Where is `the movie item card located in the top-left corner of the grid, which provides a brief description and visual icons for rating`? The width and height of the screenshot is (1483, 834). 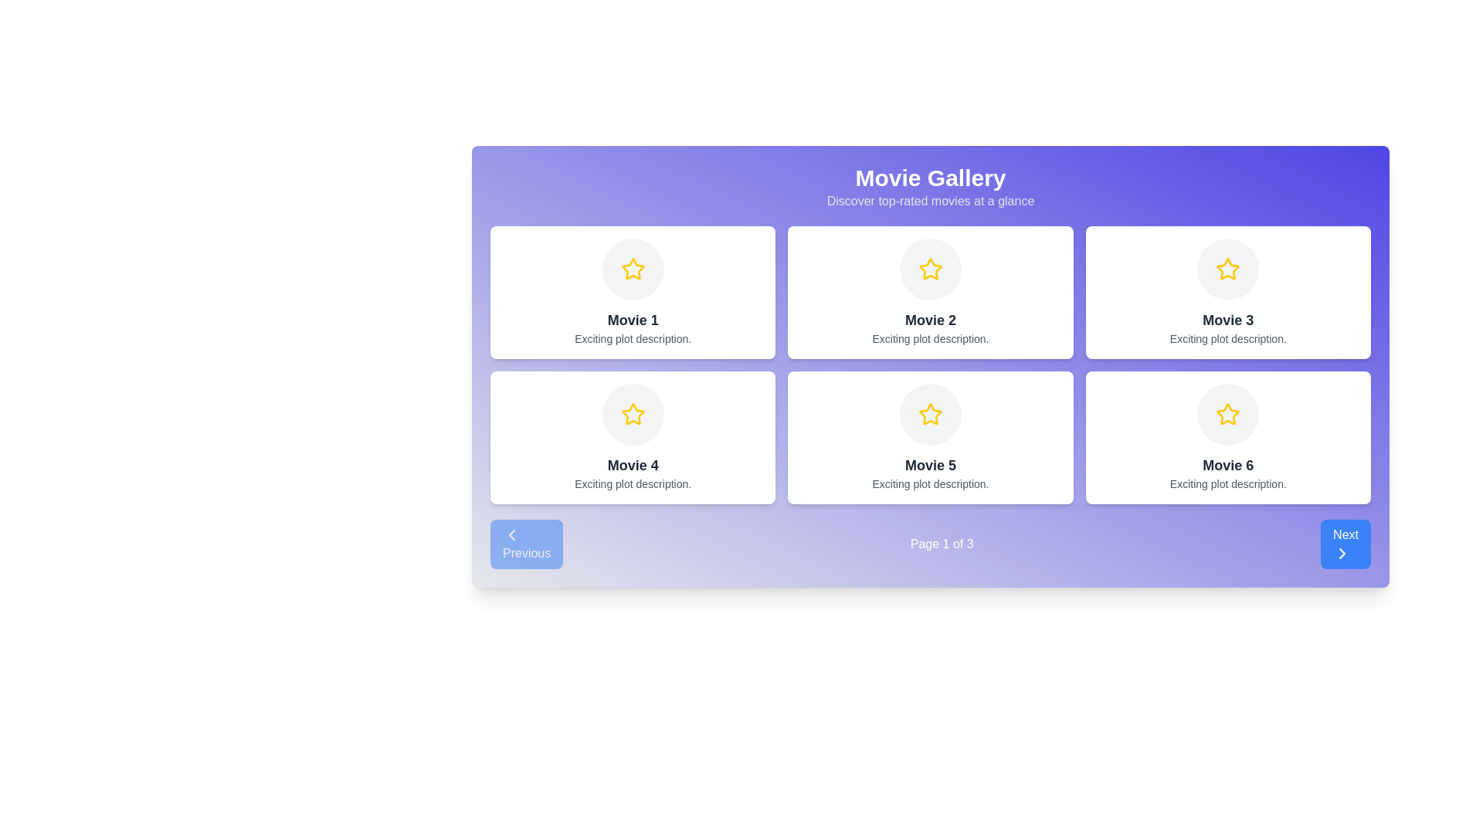
the movie item card located in the top-left corner of the grid, which provides a brief description and visual icons for rating is located at coordinates (633, 292).